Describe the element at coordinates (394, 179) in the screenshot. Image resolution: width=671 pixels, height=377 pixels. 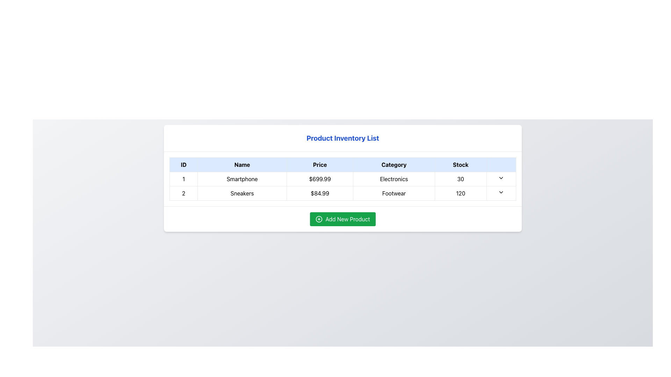
I see `the text element 'Electronics' located in the fourth cell of the first row of the table` at that location.